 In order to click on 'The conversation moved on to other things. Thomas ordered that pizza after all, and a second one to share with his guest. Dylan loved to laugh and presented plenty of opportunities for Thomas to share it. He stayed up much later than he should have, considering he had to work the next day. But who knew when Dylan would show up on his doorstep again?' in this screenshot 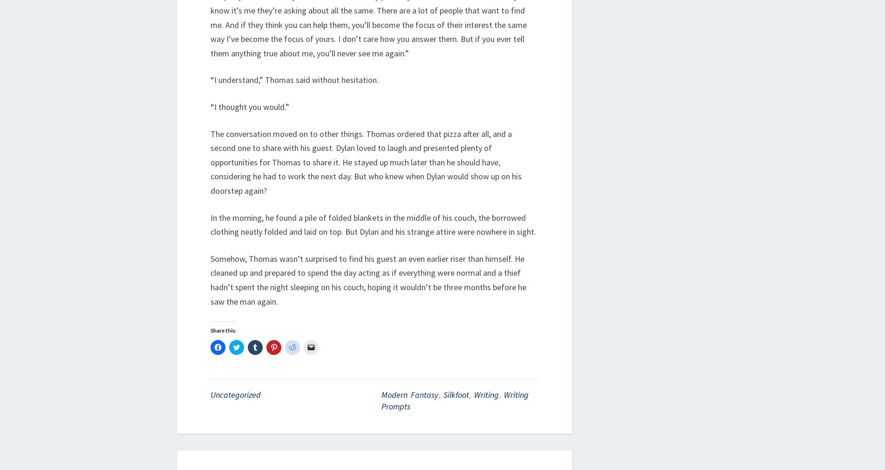, I will do `click(366, 162)`.